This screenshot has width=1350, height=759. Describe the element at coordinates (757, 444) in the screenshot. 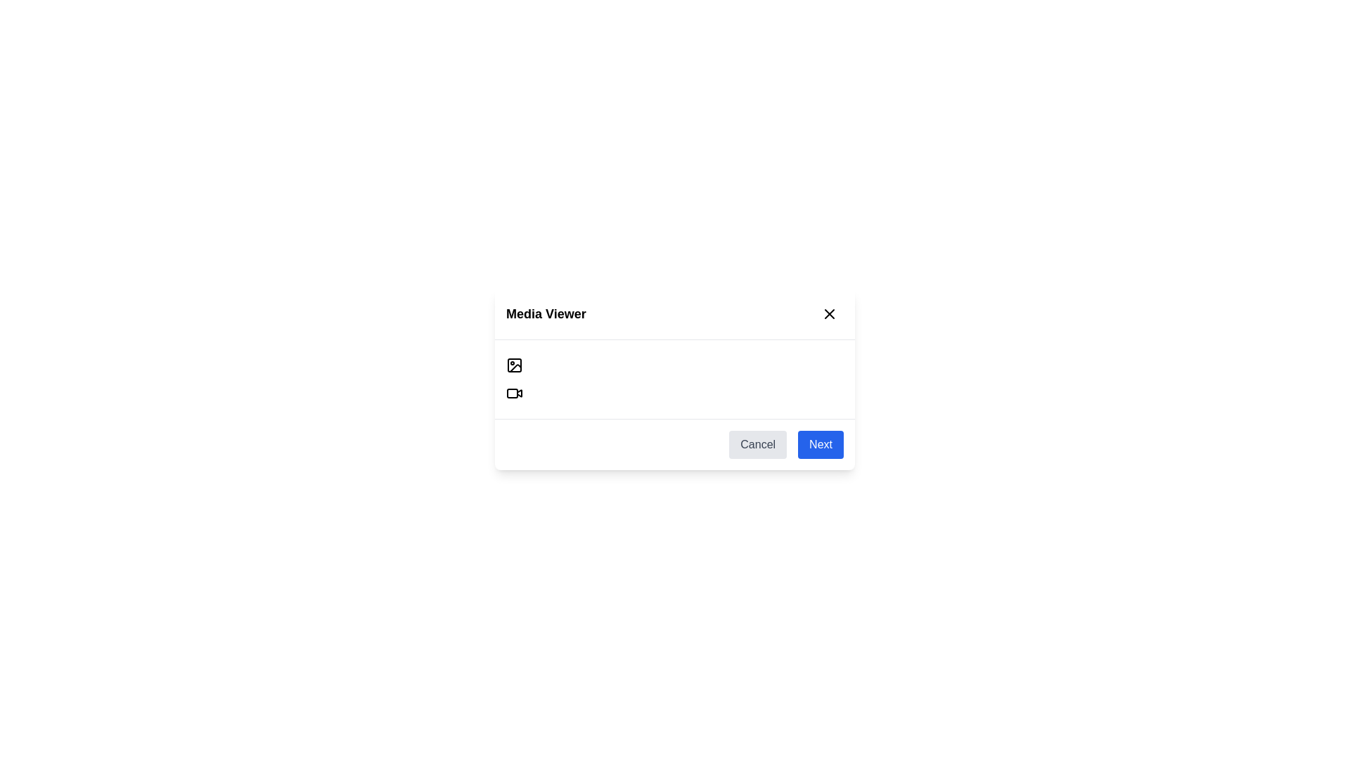

I see `the cancellation button located in the bottom-right of the 'Media Viewer' dialog, positioned to the left of the 'Next' button` at that location.